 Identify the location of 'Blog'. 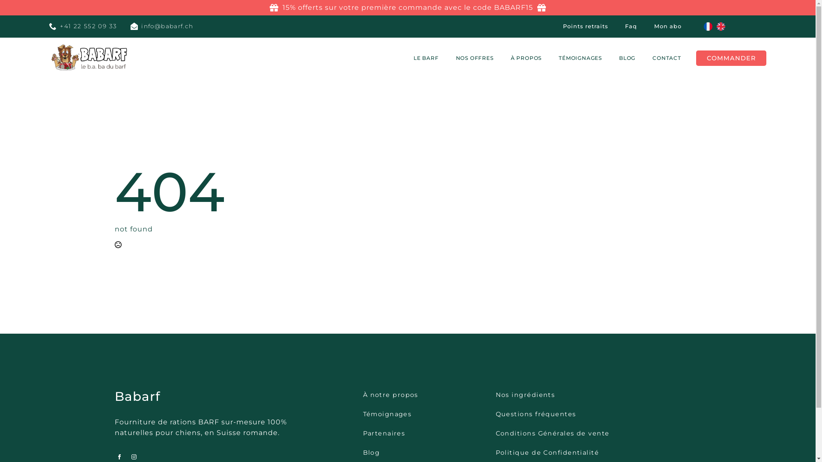
(372, 452).